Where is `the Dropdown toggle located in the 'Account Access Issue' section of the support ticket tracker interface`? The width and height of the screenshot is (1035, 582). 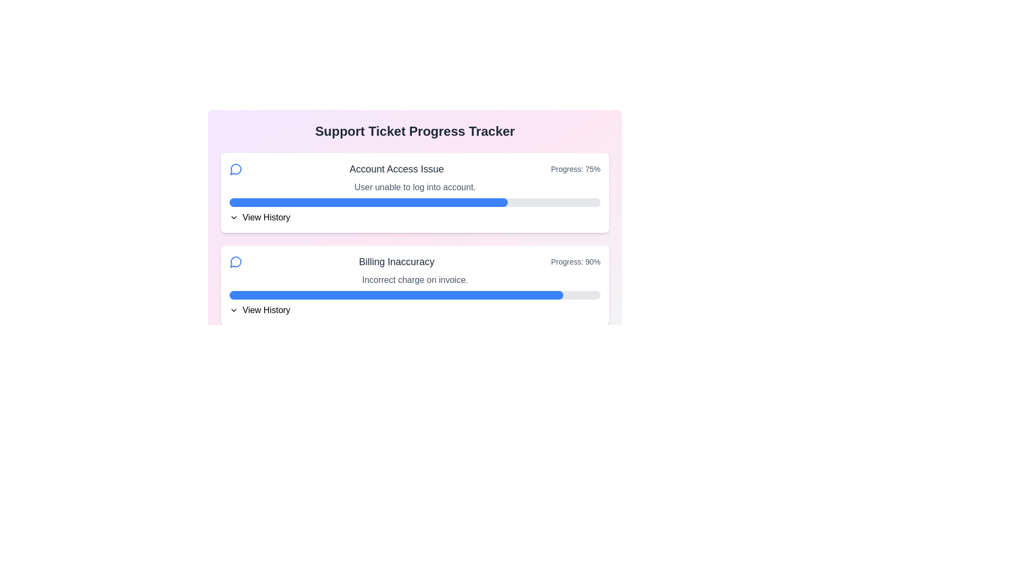 the Dropdown toggle located in the 'Account Access Issue' section of the support ticket tracker interface is located at coordinates (414, 218).